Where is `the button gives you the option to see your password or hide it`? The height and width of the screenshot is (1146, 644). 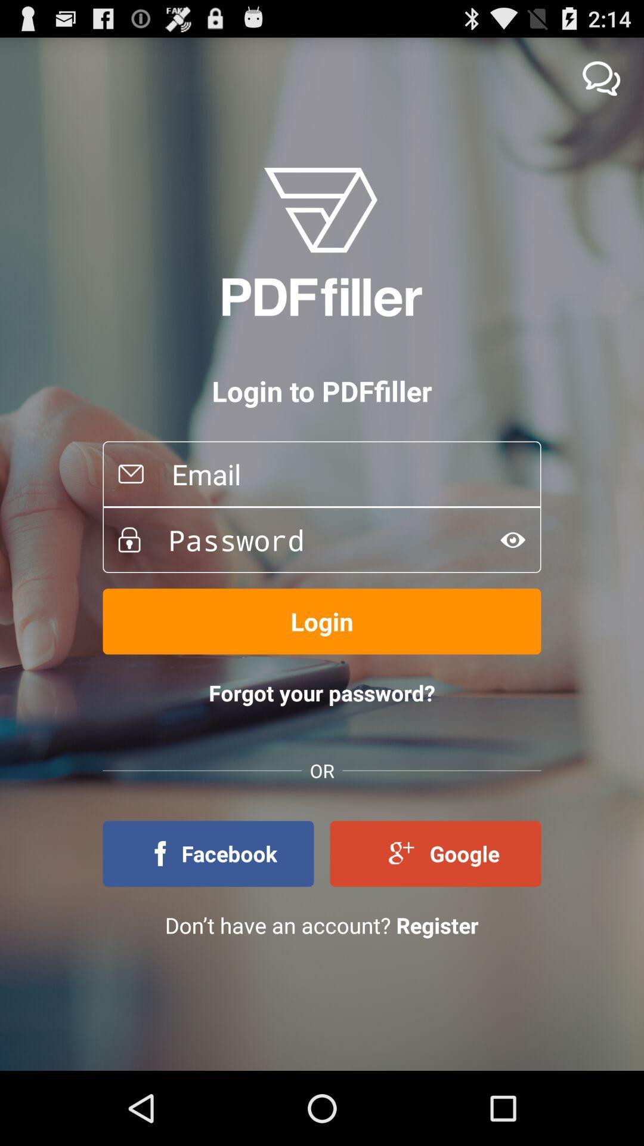 the button gives you the option to see your password or hide it is located at coordinates (512, 539).